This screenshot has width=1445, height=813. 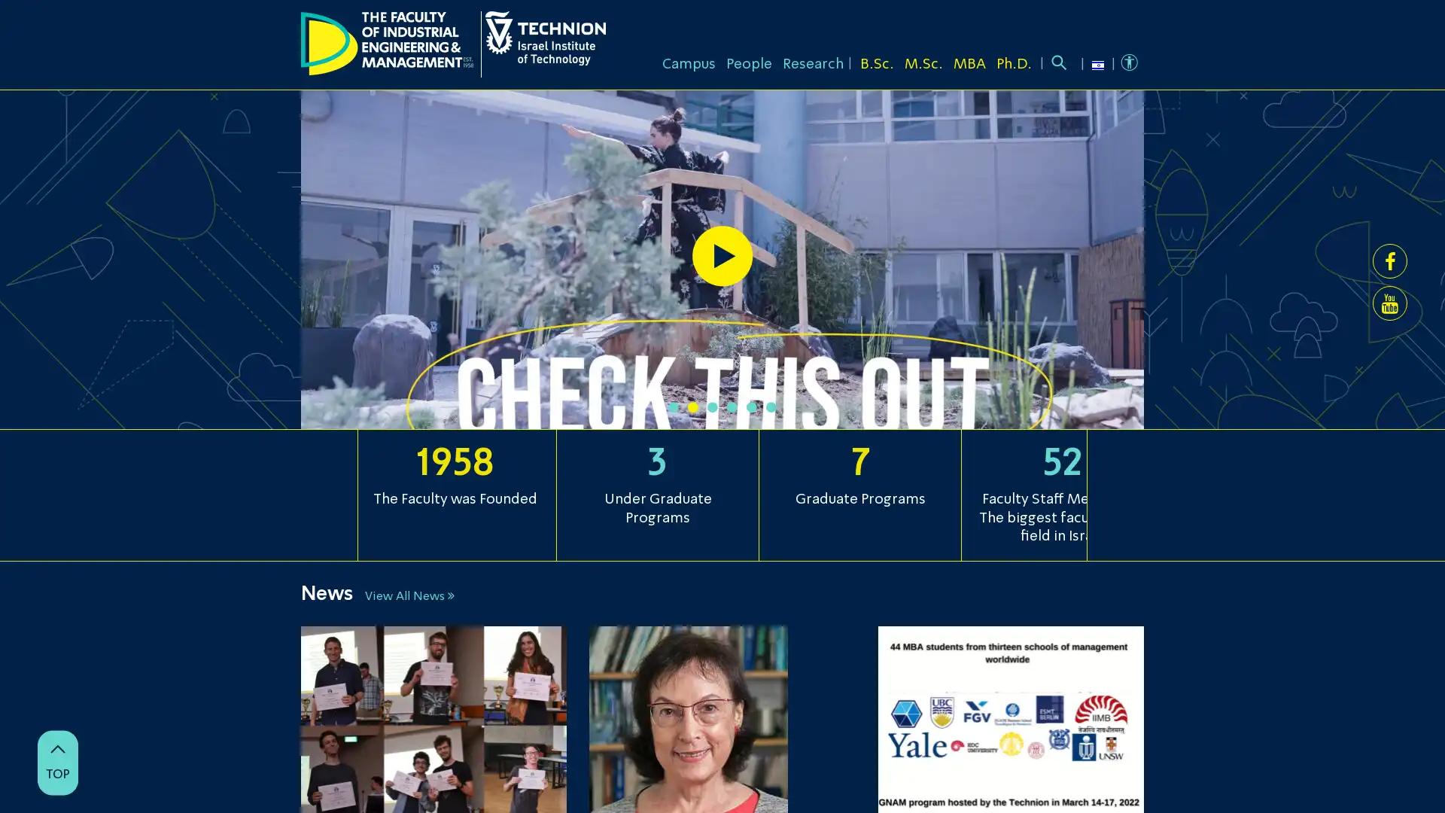 I want to click on 2, so click(x=692, y=406).